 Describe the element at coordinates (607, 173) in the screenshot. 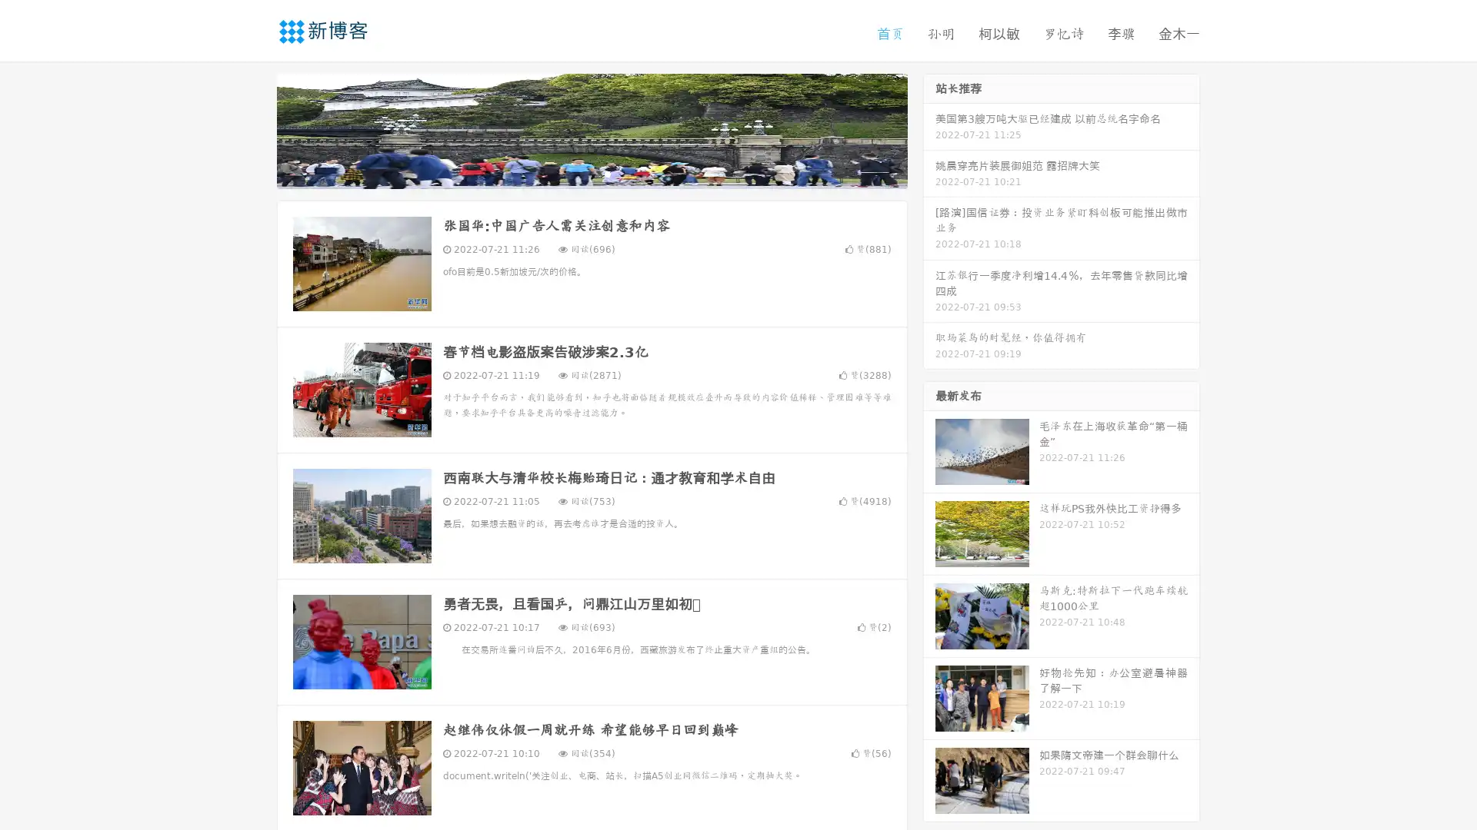

I see `Go to slide 3` at that location.